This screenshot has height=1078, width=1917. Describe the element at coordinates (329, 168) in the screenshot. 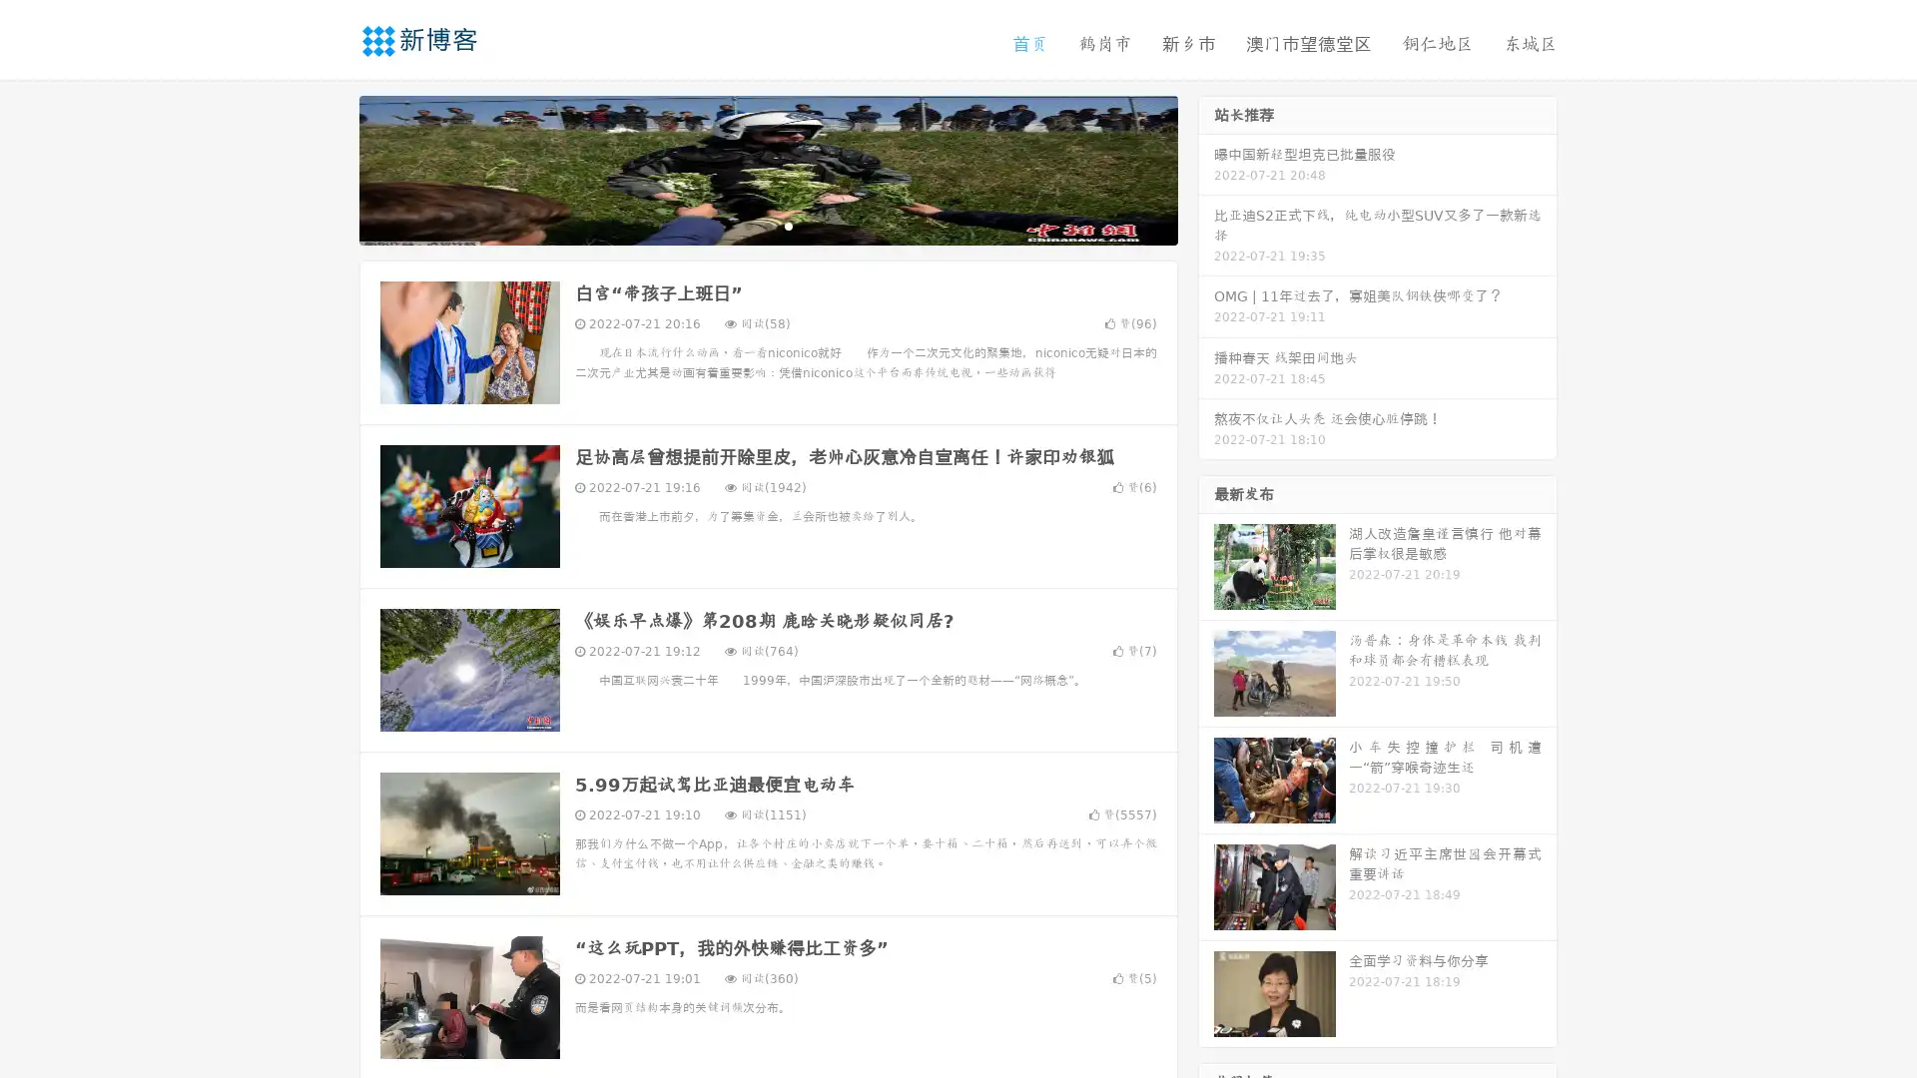

I see `Previous slide` at that location.